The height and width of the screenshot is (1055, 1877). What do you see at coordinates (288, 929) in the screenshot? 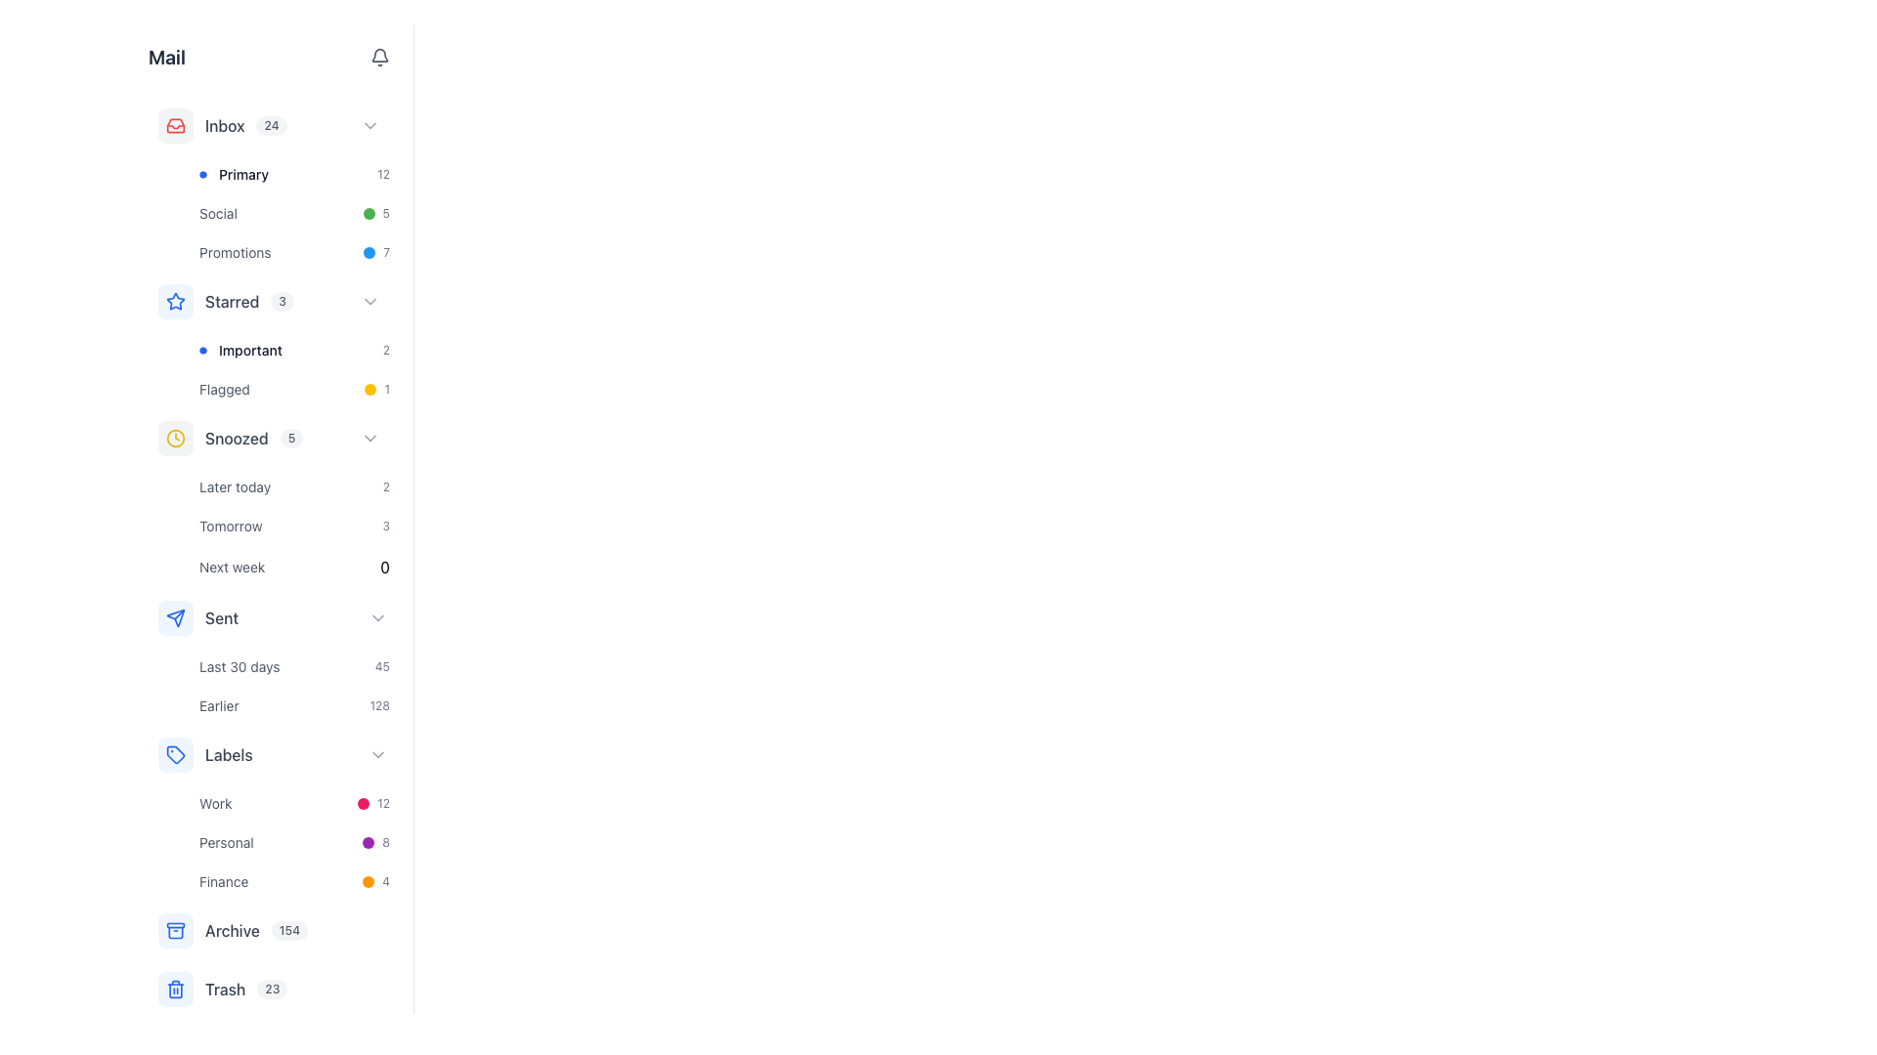
I see `the numeric indicator badge displaying the count of archived items located in the left-side navigation pane next to the 'Archive' entry` at bounding box center [288, 929].